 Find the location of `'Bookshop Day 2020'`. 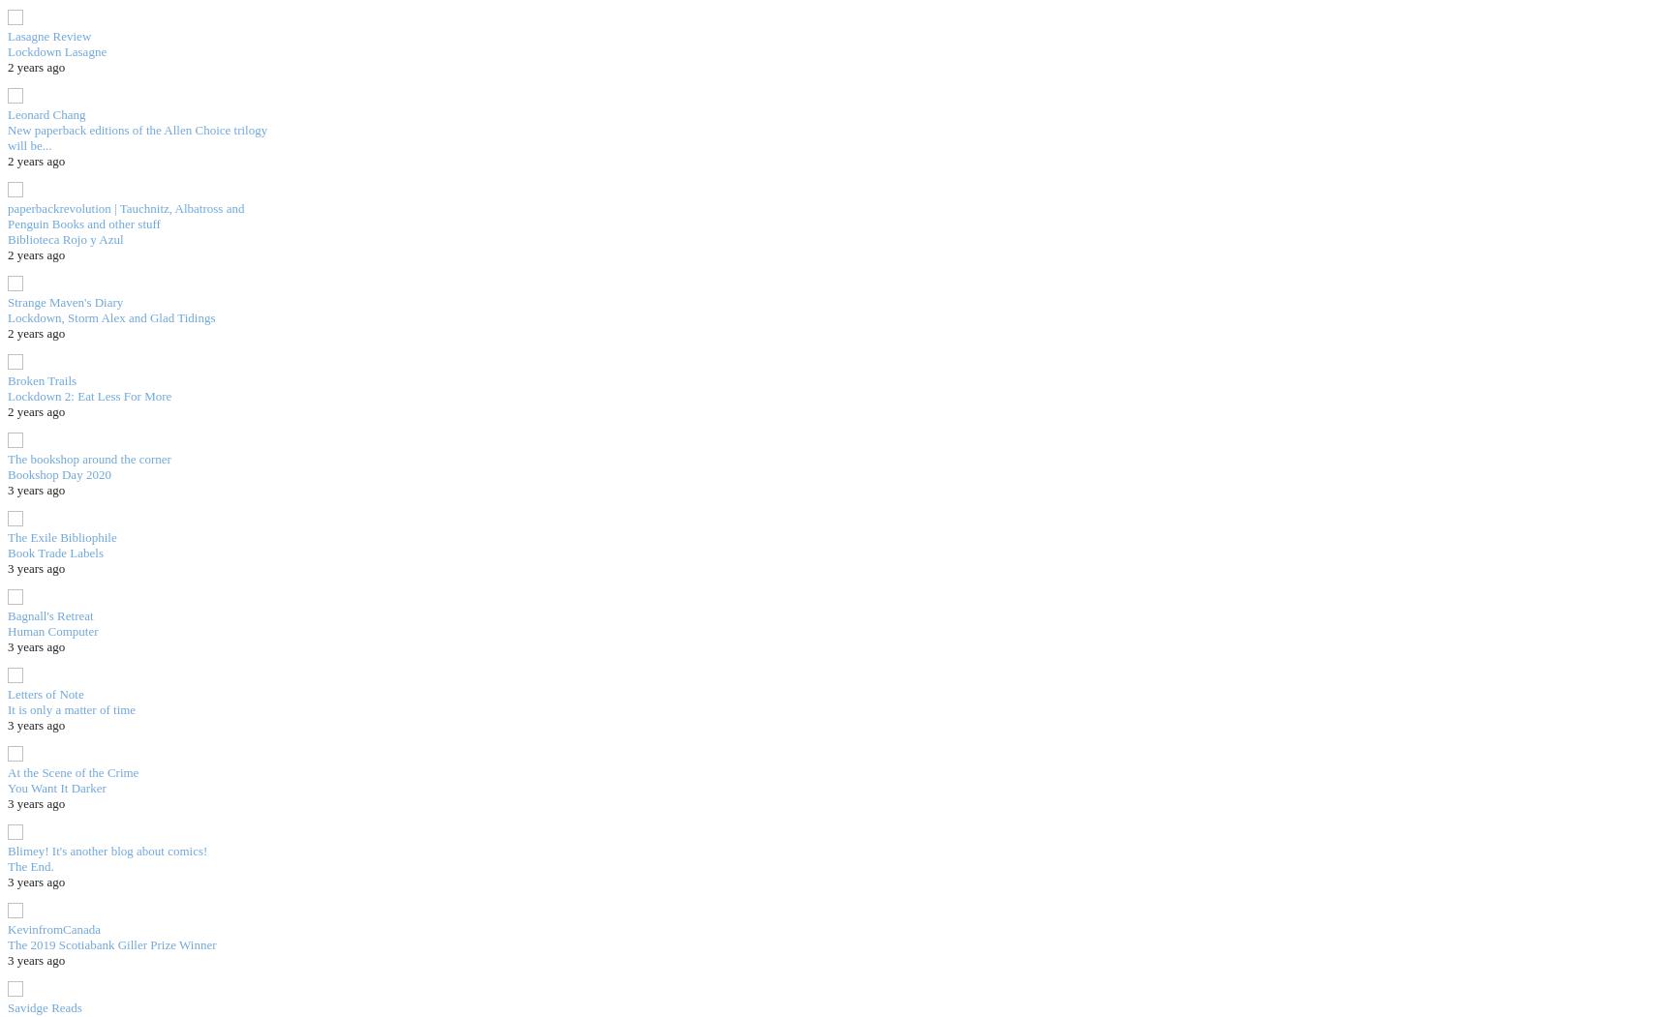

'Bookshop Day 2020' is located at coordinates (58, 473).